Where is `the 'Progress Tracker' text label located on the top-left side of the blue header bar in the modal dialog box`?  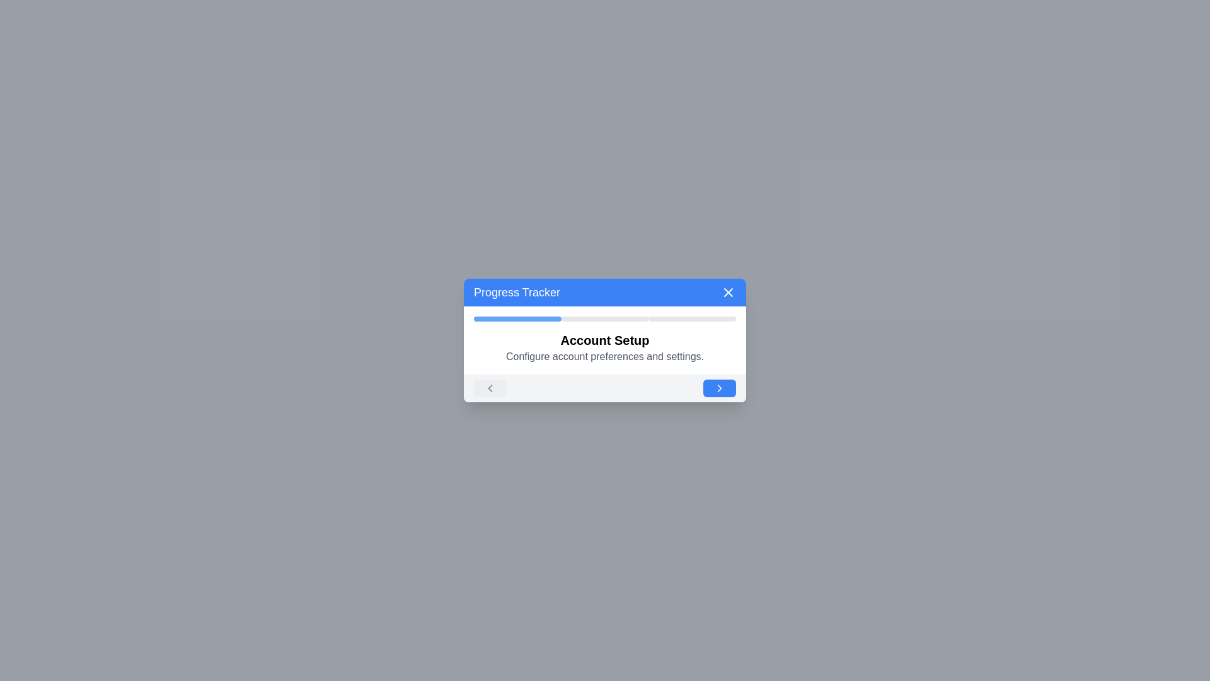 the 'Progress Tracker' text label located on the top-left side of the blue header bar in the modal dialog box is located at coordinates (517, 292).